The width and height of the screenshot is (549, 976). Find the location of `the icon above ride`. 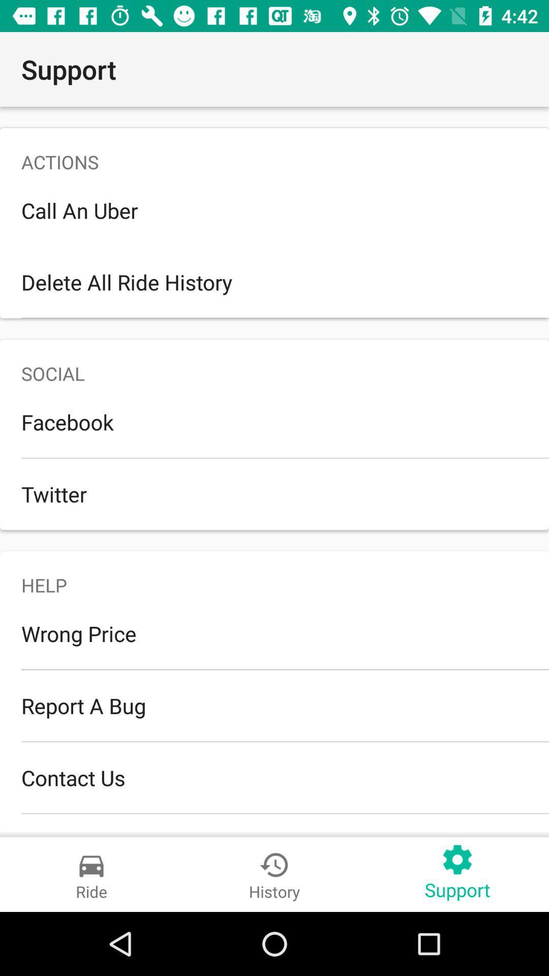

the icon above ride is located at coordinates (91, 864).